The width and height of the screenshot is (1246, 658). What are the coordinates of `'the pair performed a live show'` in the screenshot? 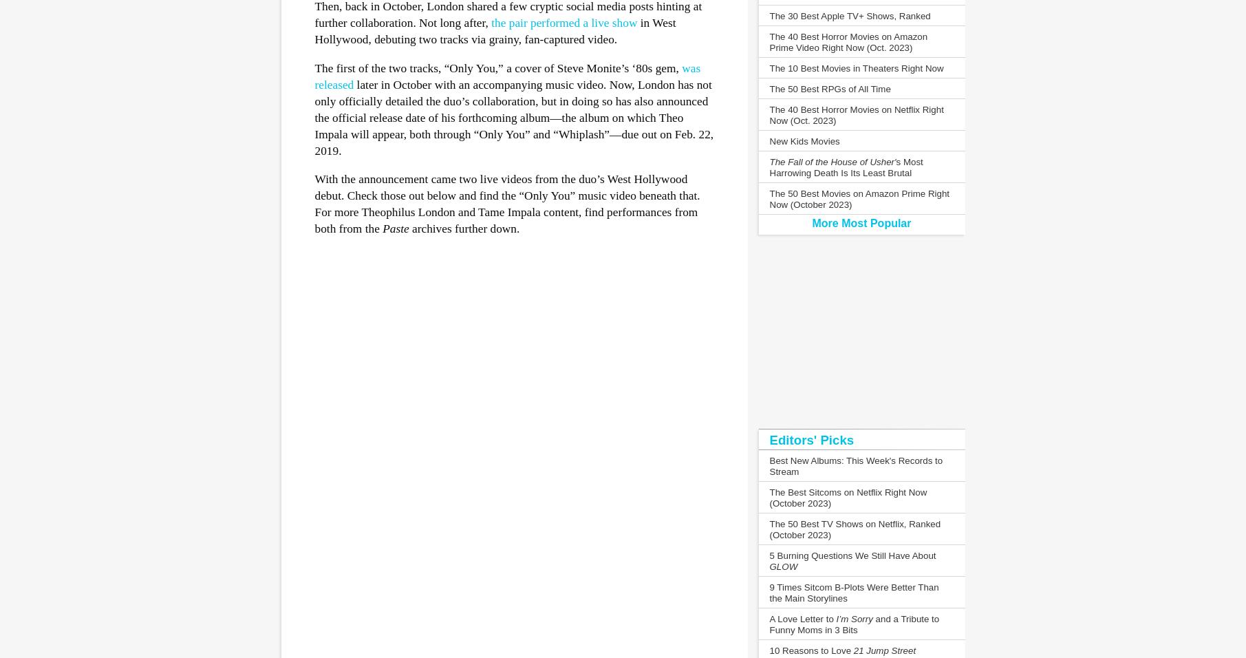 It's located at (564, 22).